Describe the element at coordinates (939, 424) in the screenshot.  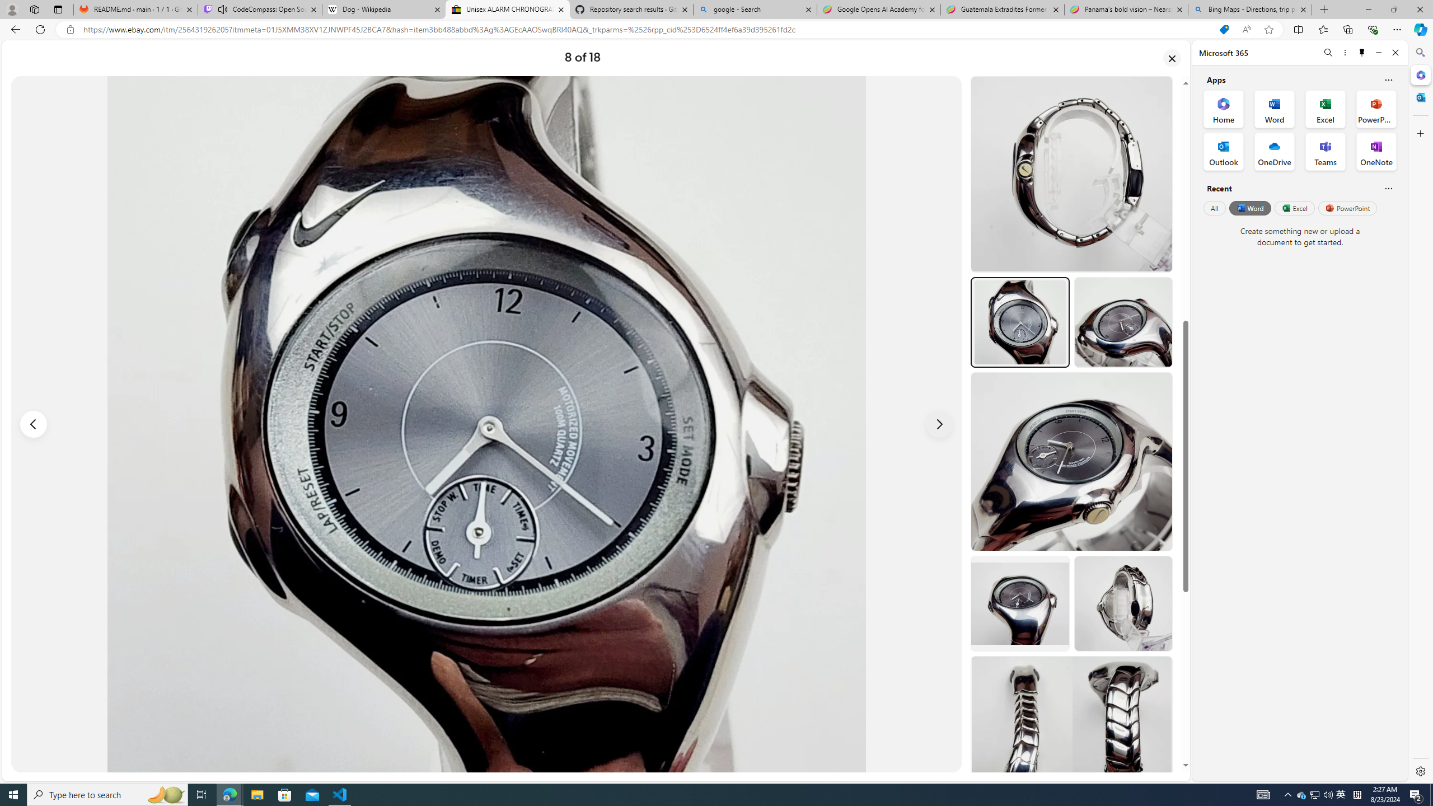
I see `'Next image - Item images thumbnails'` at that location.